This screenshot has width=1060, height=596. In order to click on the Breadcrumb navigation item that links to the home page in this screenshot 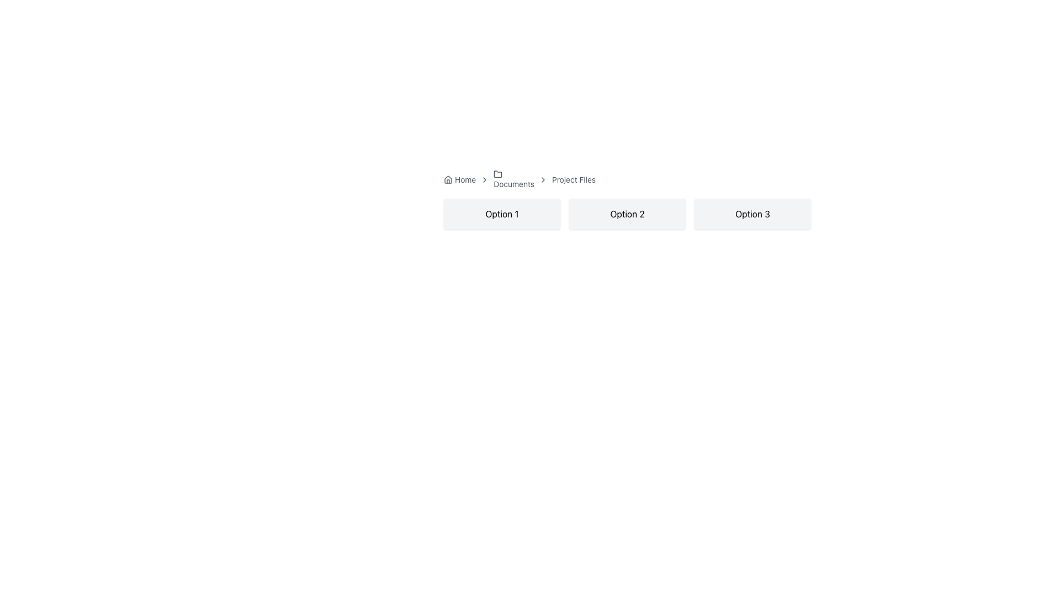, I will do `click(460, 179)`.